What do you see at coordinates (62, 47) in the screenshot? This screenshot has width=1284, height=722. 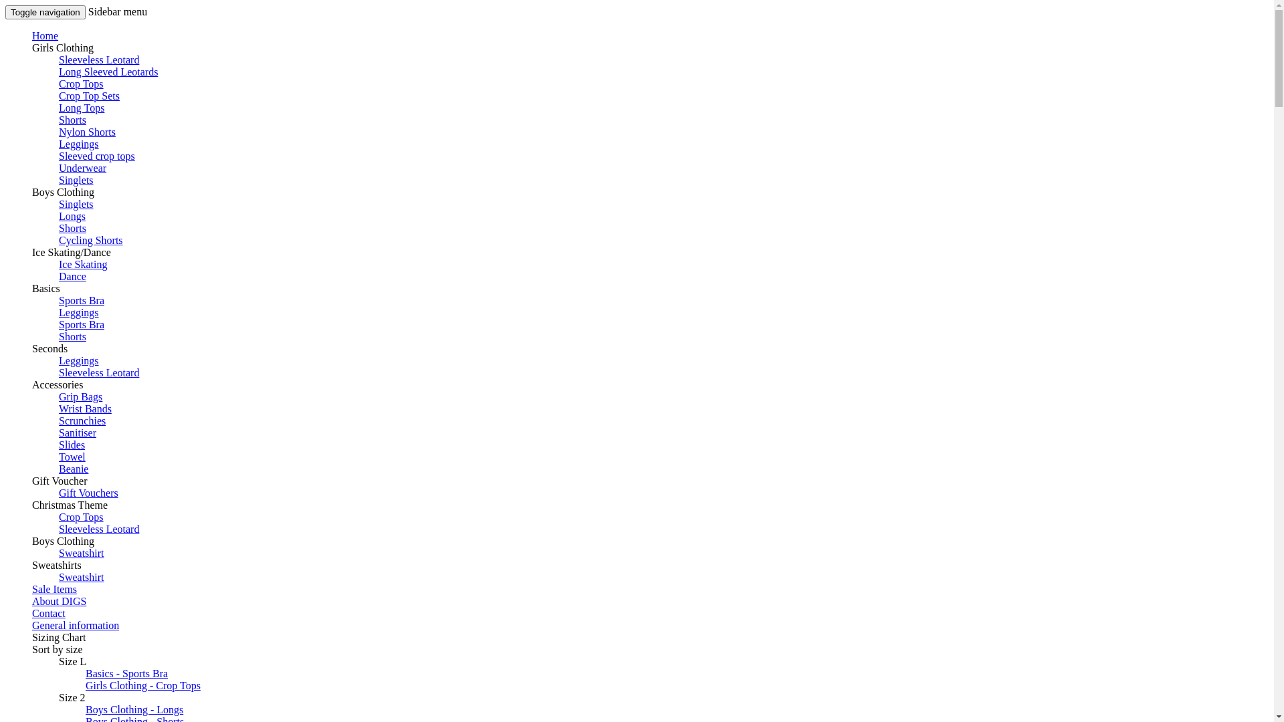 I see `'Girls Clothing'` at bounding box center [62, 47].